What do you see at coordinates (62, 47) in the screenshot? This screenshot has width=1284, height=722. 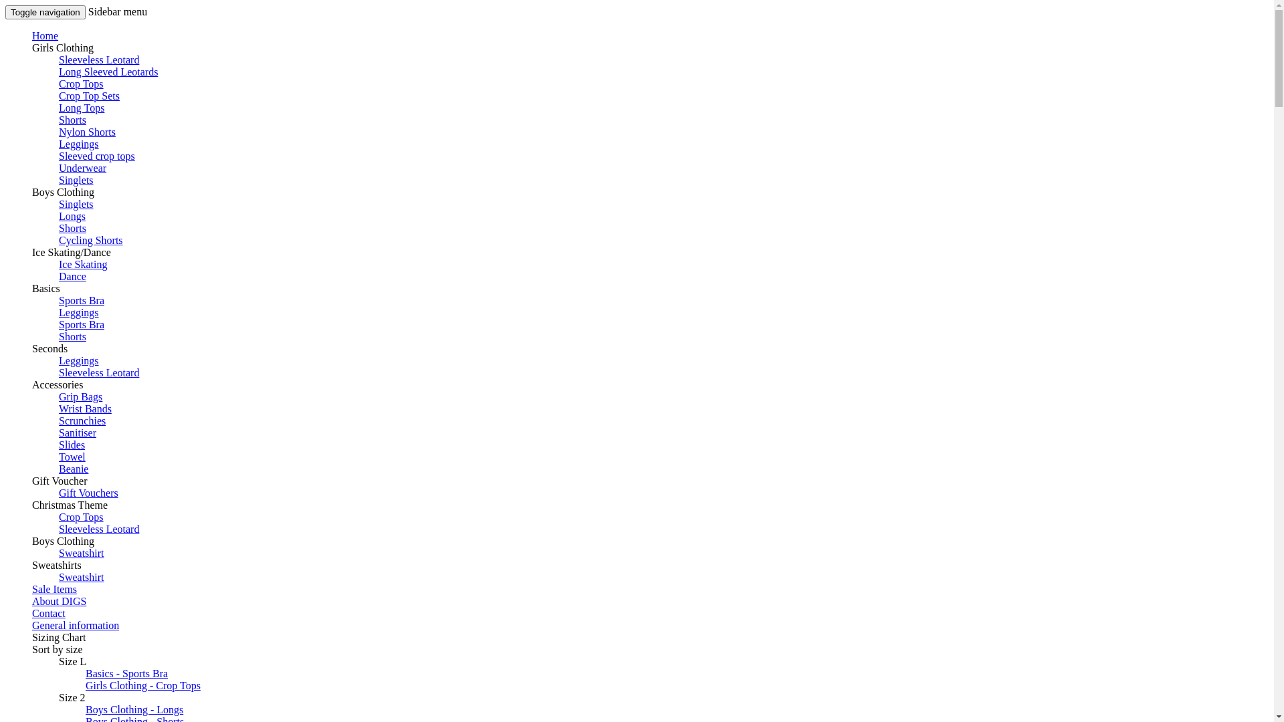 I see `'Girls Clothing'` at bounding box center [62, 47].